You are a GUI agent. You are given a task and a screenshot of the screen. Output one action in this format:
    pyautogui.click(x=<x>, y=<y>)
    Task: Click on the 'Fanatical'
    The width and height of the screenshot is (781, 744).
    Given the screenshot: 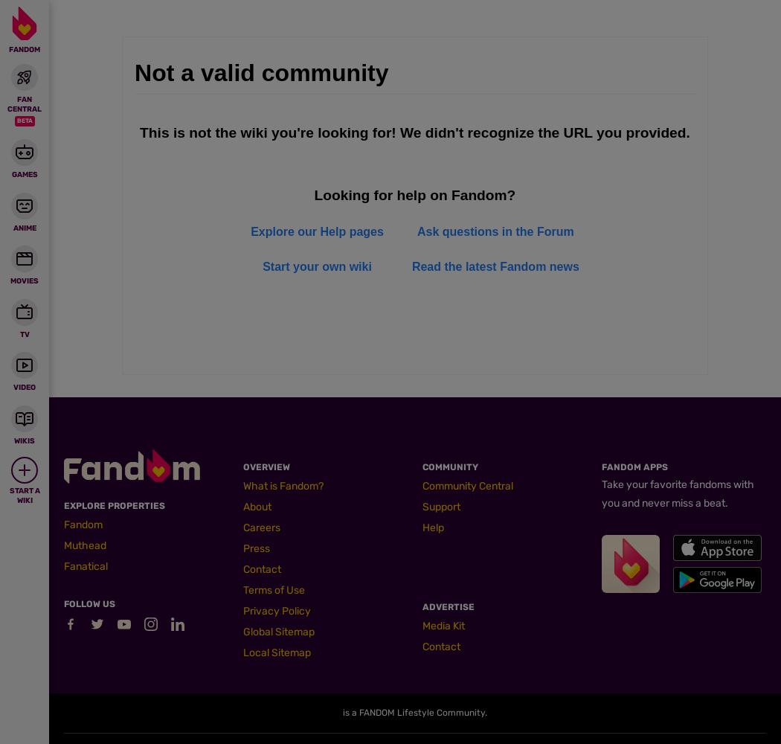 What is the action you would take?
    pyautogui.click(x=85, y=566)
    